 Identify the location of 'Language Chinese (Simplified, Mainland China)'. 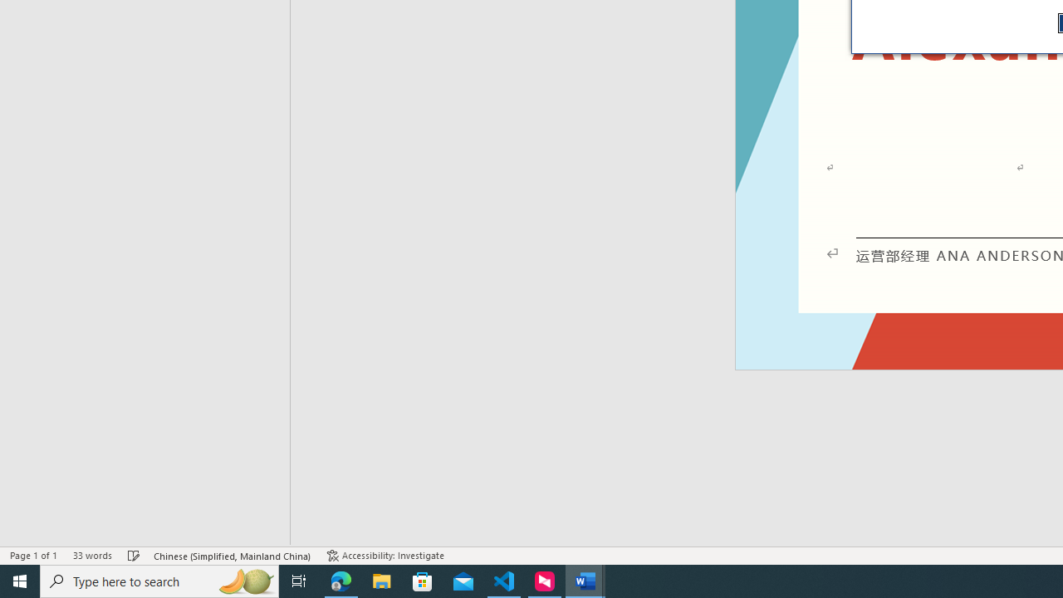
(232, 556).